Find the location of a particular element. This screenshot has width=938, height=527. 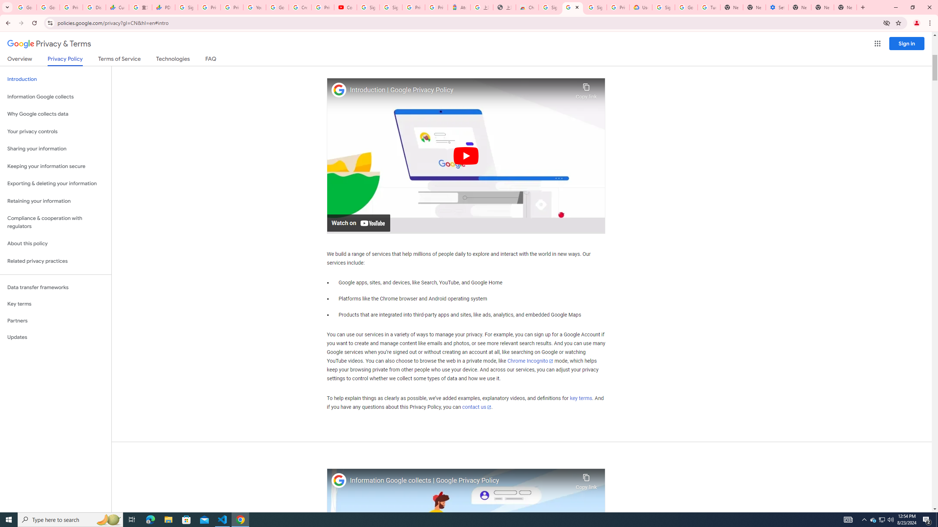

'Play' is located at coordinates (466, 155).